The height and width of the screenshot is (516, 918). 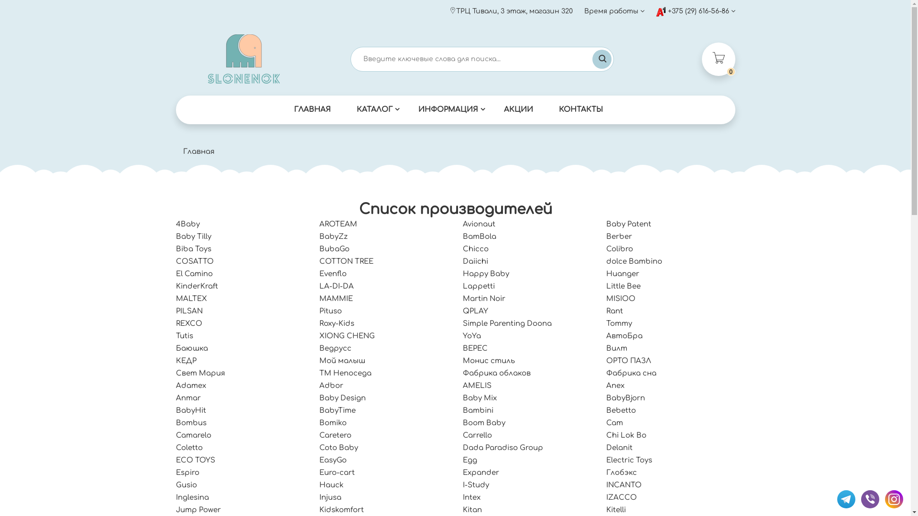 What do you see at coordinates (622, 497) in the screenshot?
I see `'IZACCO'` at bounding box center [622, 497].